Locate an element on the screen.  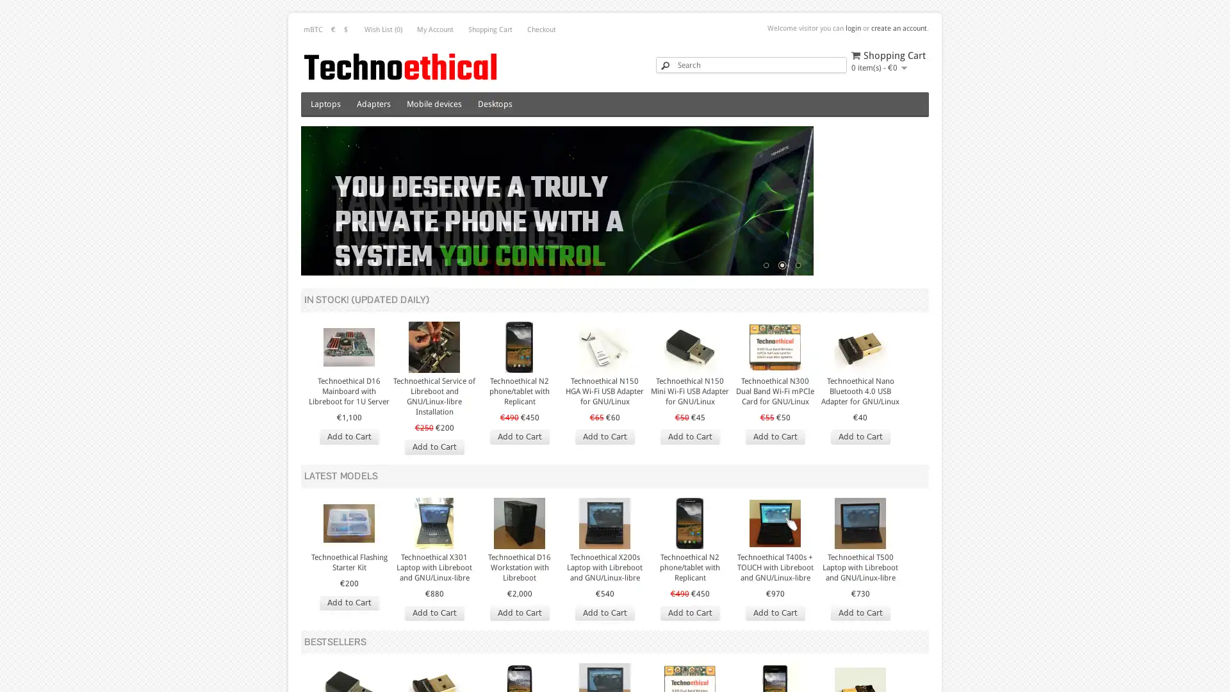
Add to Cart is located at coordinates (519, 479).